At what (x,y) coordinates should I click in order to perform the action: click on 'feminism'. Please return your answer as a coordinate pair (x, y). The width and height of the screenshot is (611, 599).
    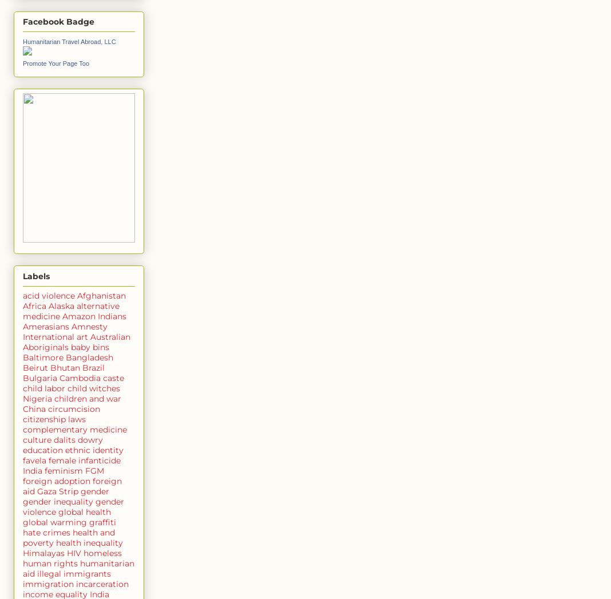
    Looking at the image, I should click on (43, 470).